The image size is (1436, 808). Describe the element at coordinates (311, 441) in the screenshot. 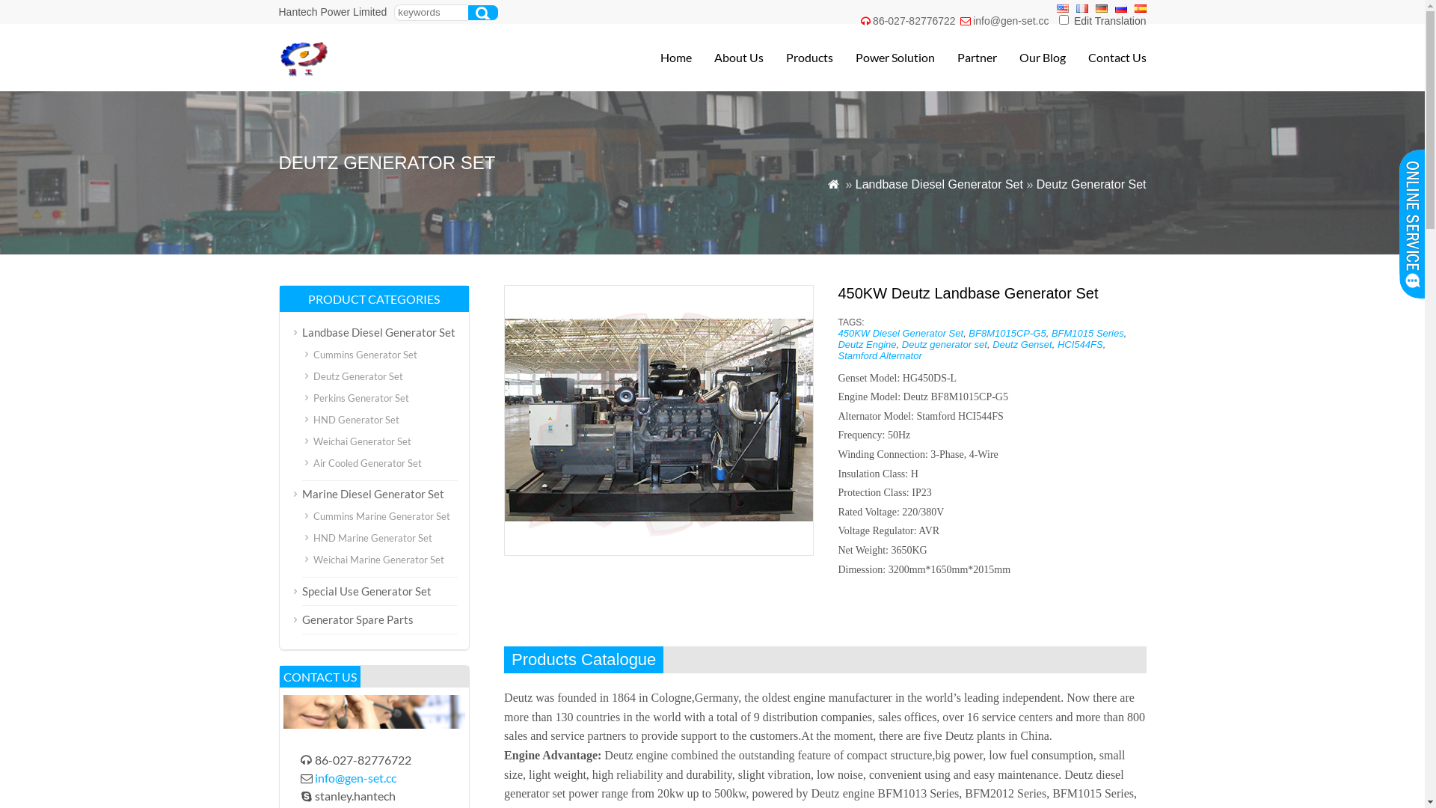

I see `'Weichai Generator Set'` at that location.